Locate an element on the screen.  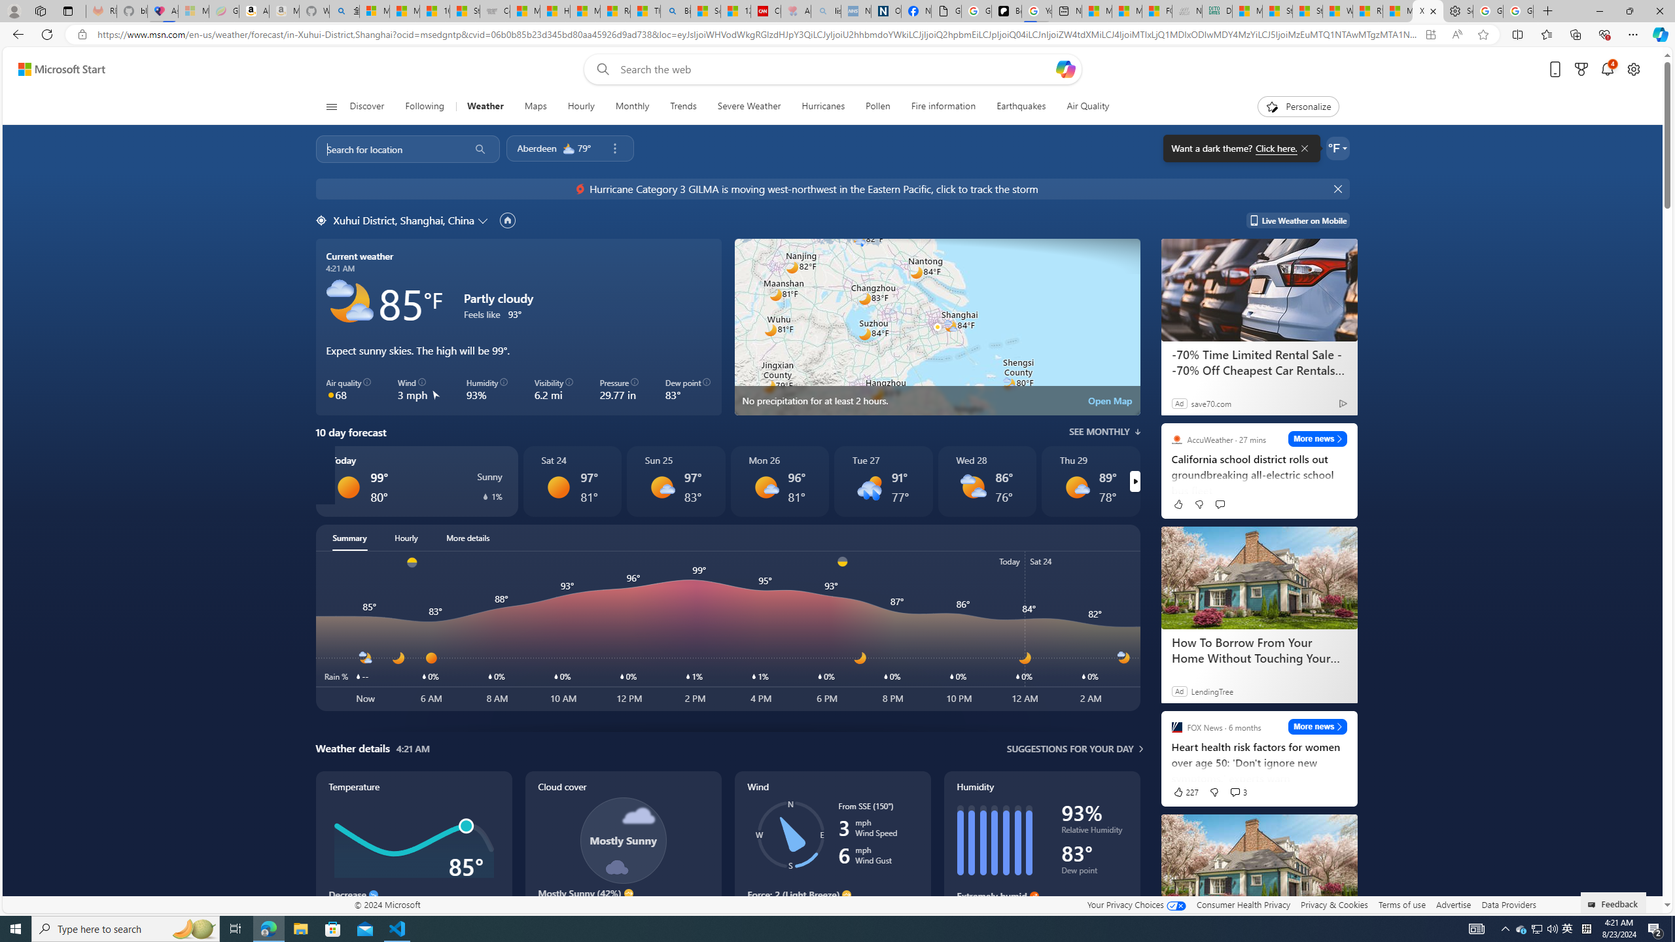
'Asthma Inhalers: Names and Types' is located at coordinates (162, 10).